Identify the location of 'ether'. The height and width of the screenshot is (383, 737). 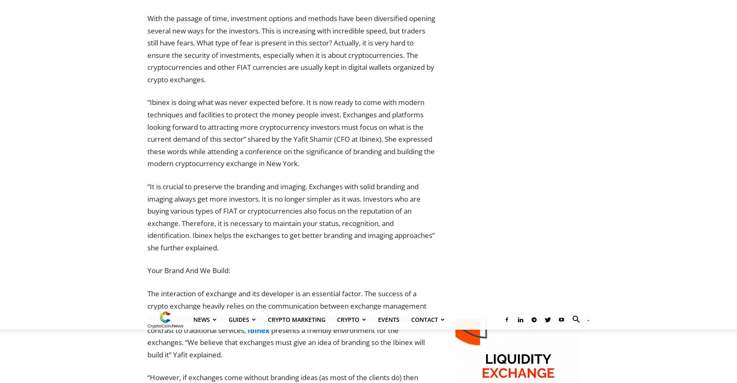
(277, 76).